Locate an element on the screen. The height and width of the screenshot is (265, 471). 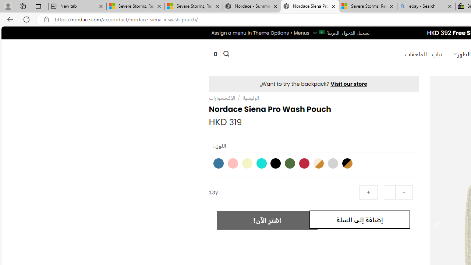
' 0' is located at coordinates (215, 53).